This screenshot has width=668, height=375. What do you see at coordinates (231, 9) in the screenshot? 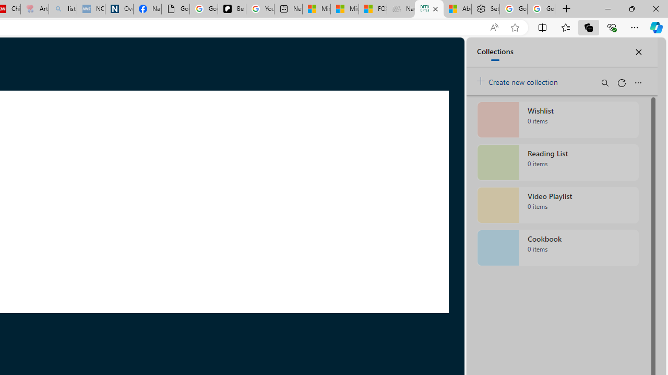
I see `'Be Smart | creating Science videos | Patreon'` at bounding box center [231, 9].